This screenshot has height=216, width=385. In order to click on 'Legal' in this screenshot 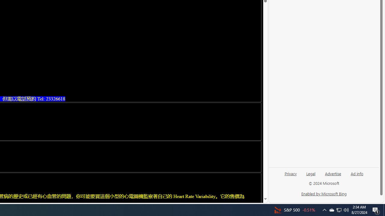, I will do `click(311, 173)`.